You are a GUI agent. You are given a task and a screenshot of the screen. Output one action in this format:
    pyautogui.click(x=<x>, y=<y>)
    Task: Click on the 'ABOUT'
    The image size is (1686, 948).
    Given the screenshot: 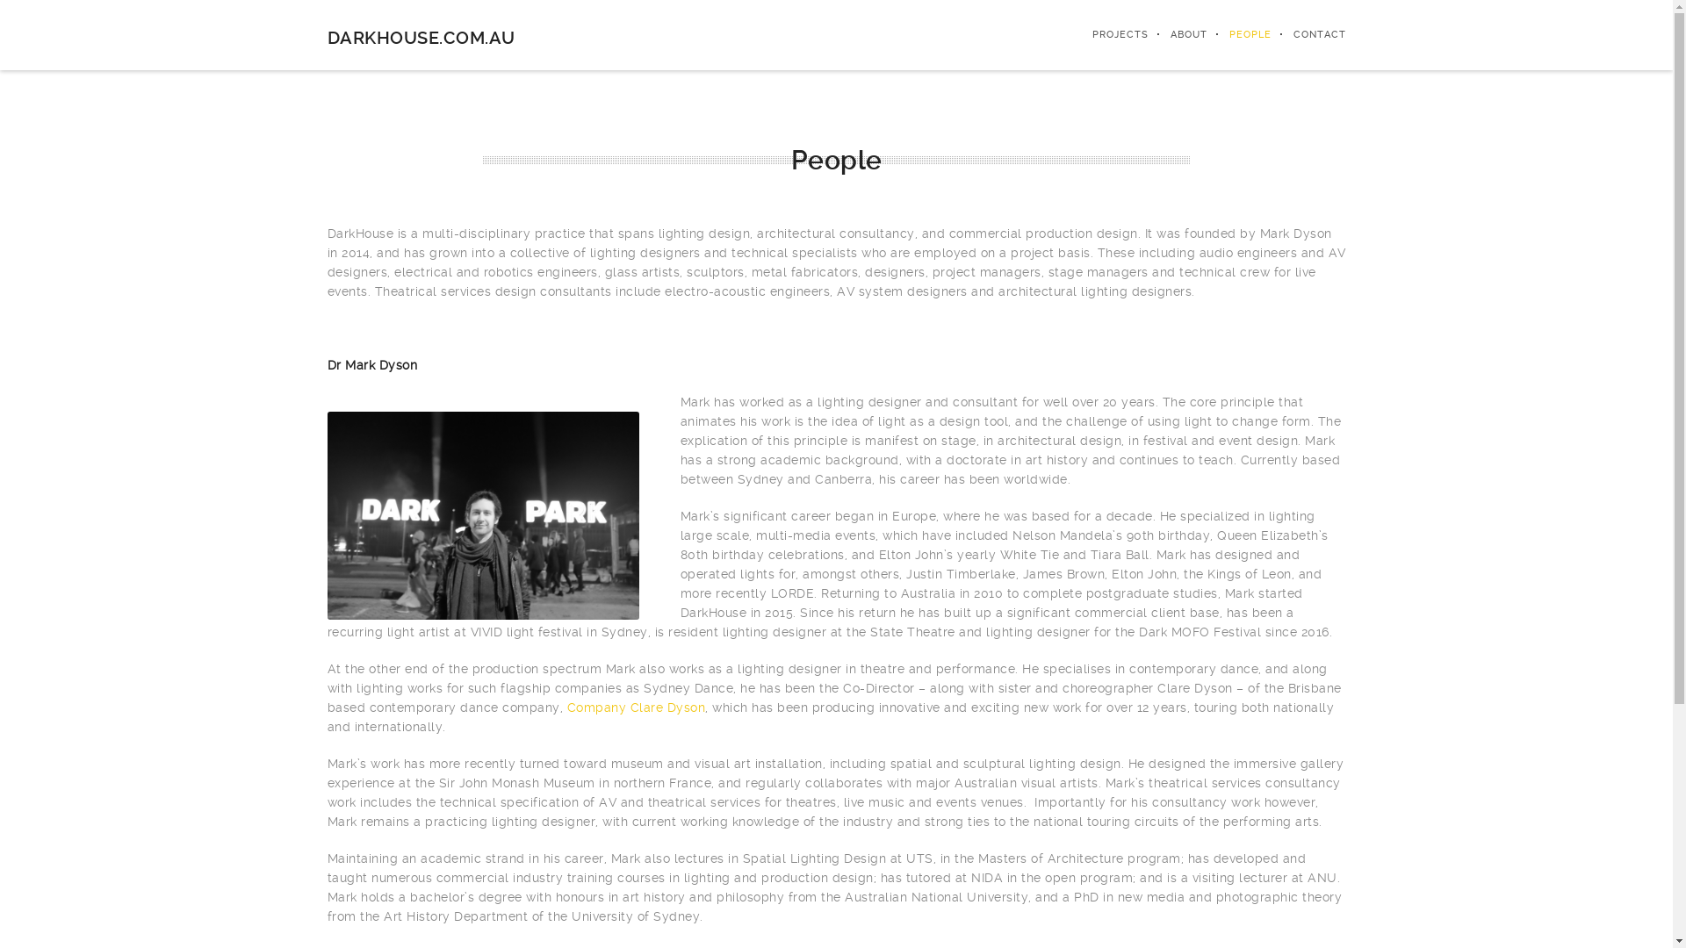 What is the action you would take?
    pyautogui.click(x=1178, y=34)
    